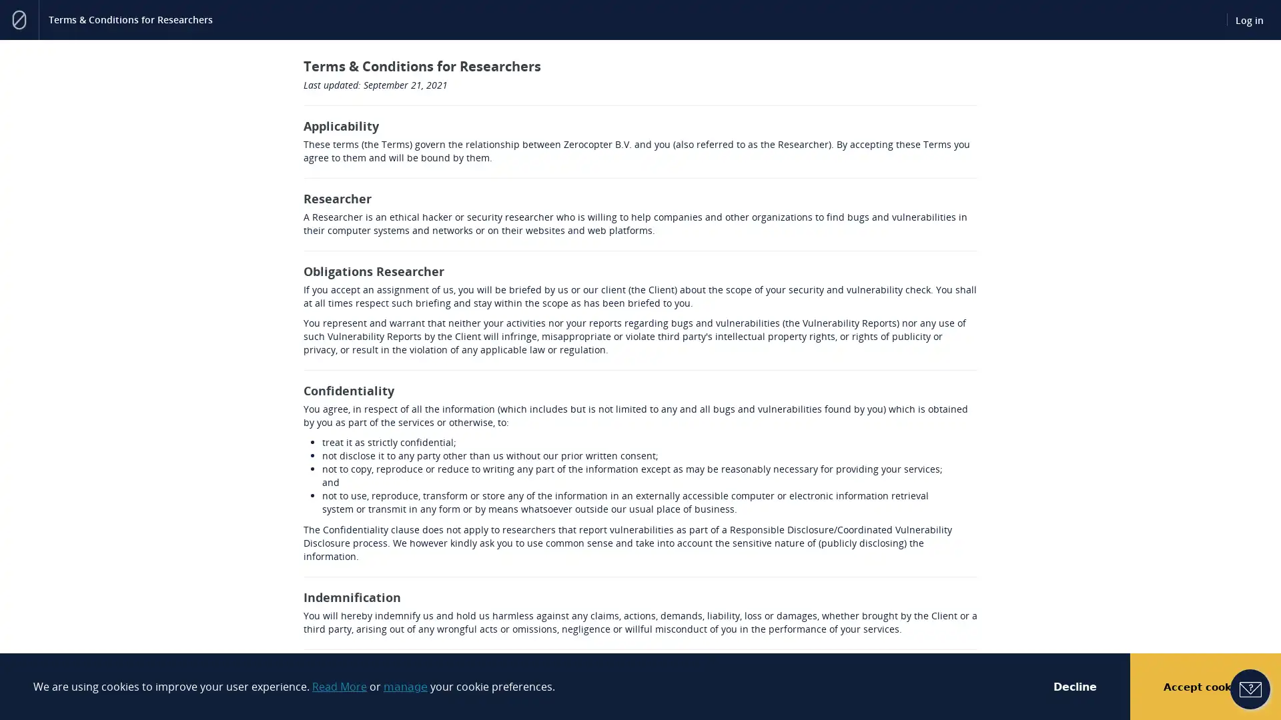  What do you see at coordinates (405, 687) in the screenshot?
I see `manage` at bounding box center [405, 687].